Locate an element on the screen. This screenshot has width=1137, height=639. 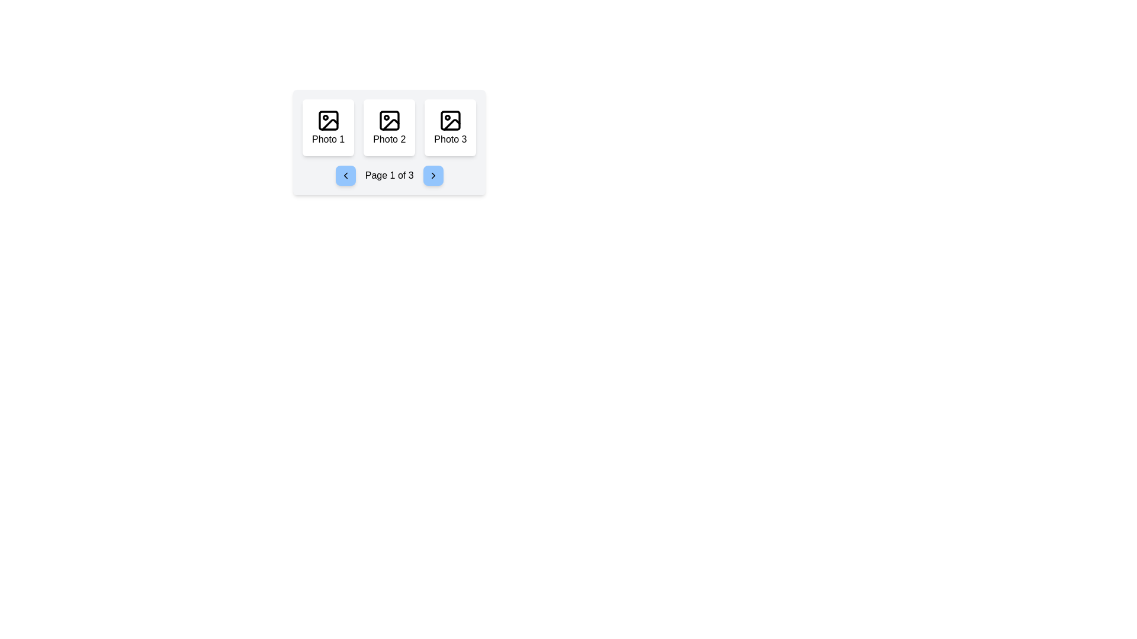
the 'Photo 2' card is located at coordinates (389, 128).